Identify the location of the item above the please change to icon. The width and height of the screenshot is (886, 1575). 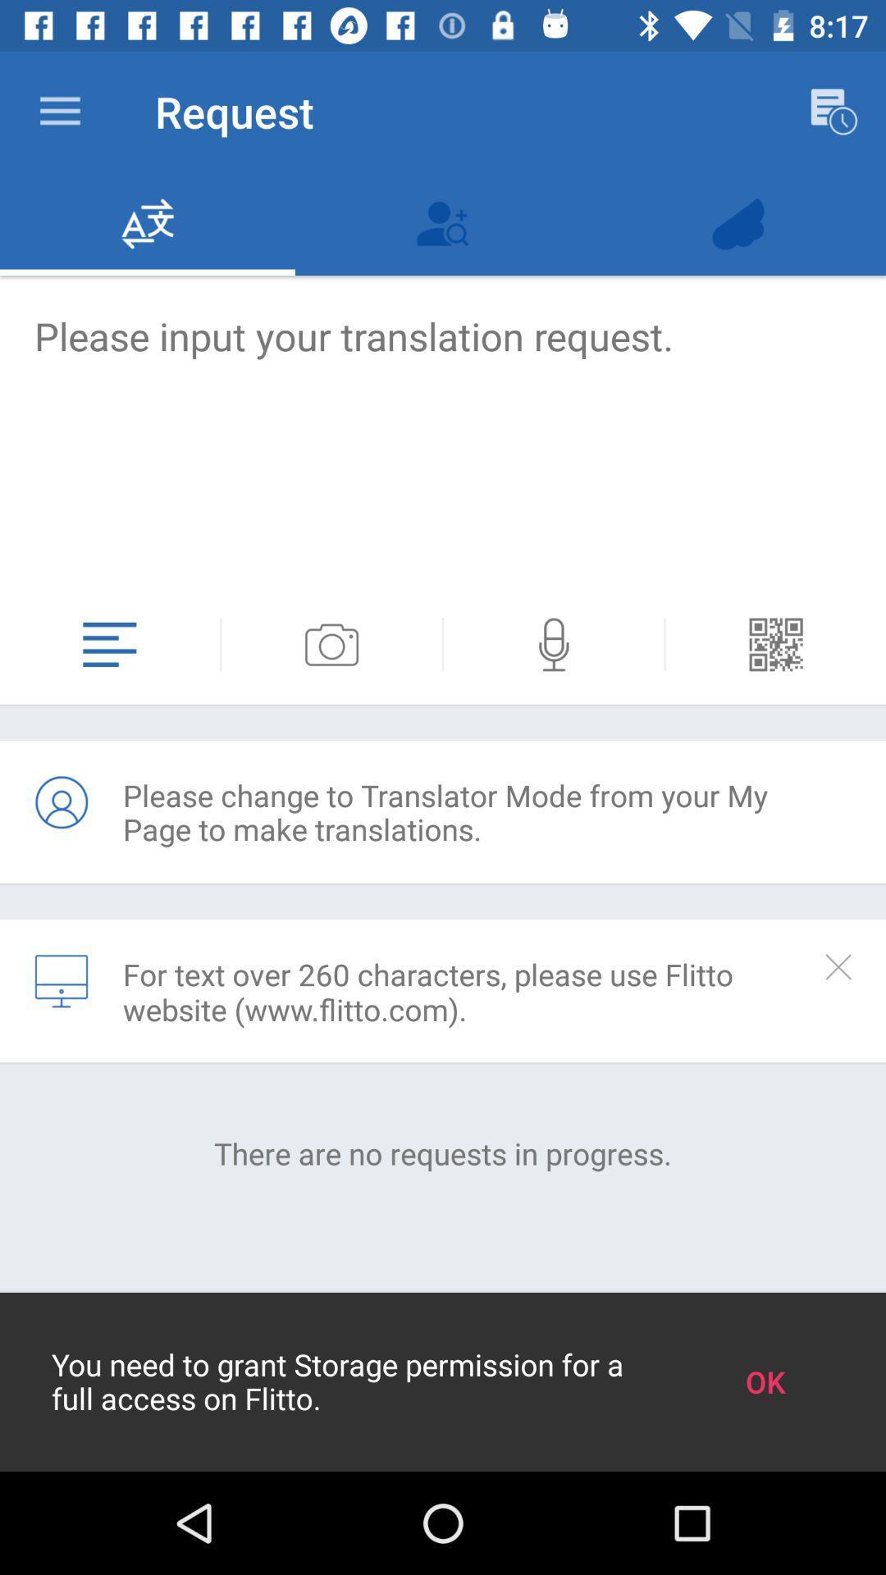
(443, 644).